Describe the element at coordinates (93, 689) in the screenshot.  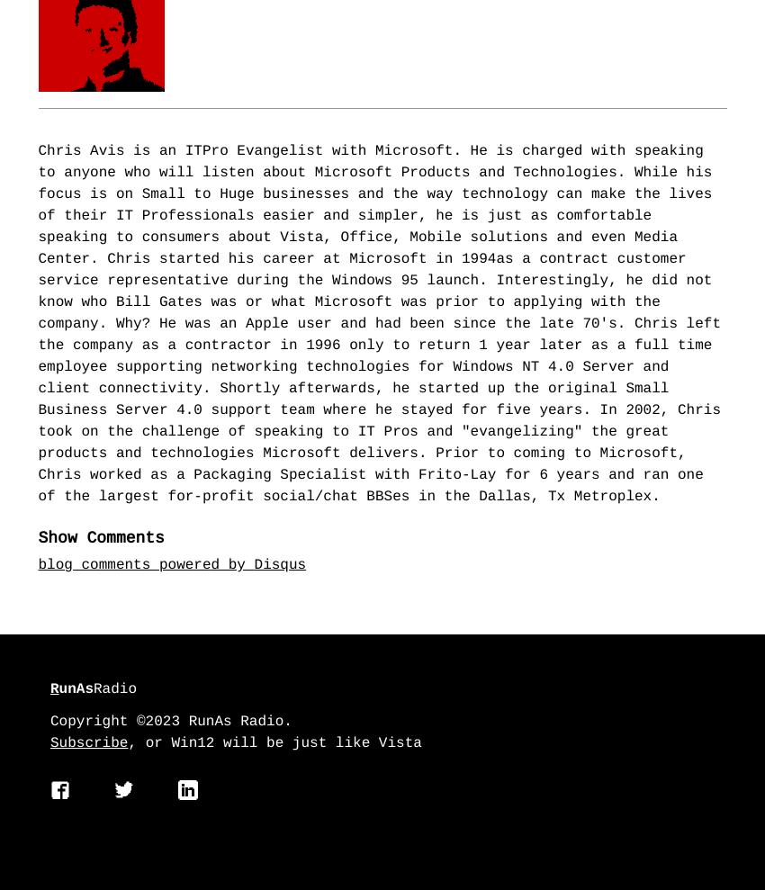
I see `'Radio'` at that location.